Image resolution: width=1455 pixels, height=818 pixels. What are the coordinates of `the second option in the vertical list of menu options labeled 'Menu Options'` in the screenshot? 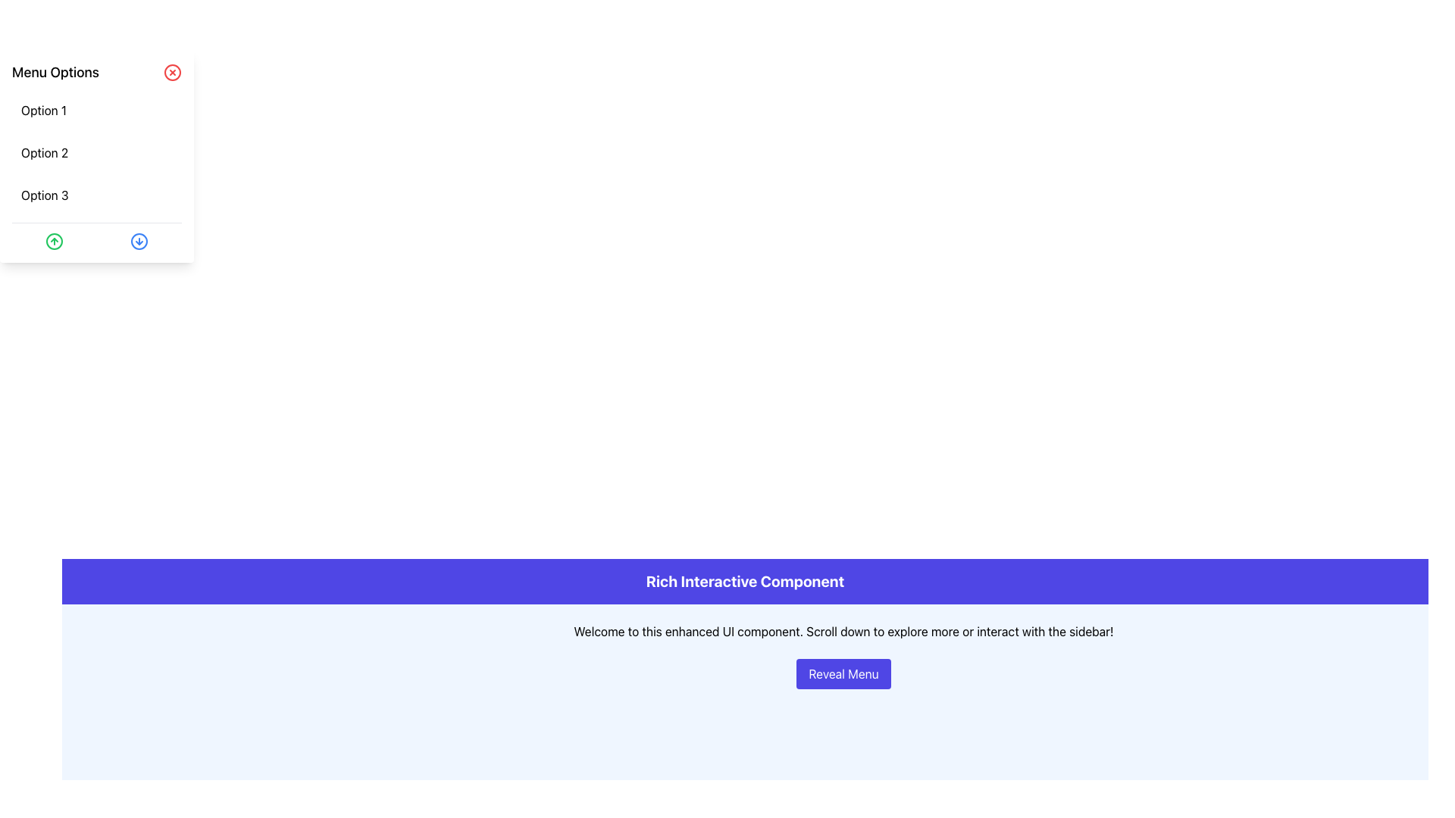 It's located at (96, 152).